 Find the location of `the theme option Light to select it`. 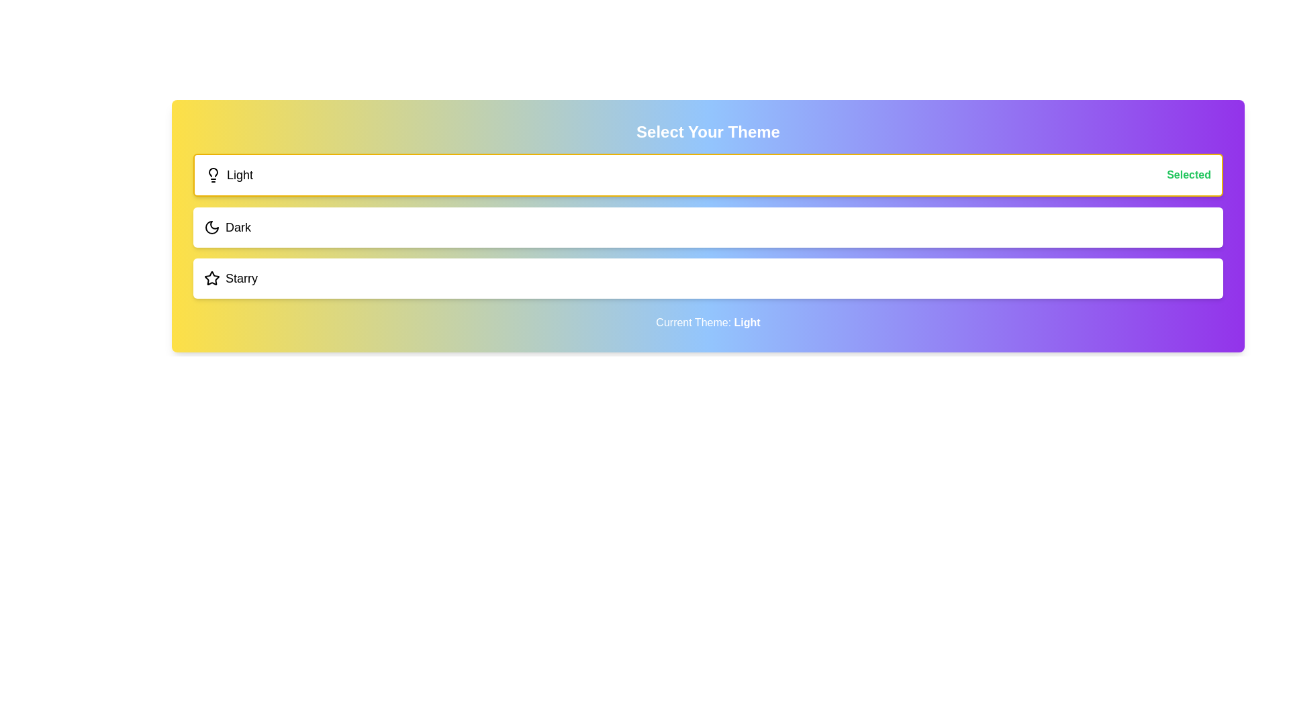

the theme option Light to select it is located at coordinates (228, 175).